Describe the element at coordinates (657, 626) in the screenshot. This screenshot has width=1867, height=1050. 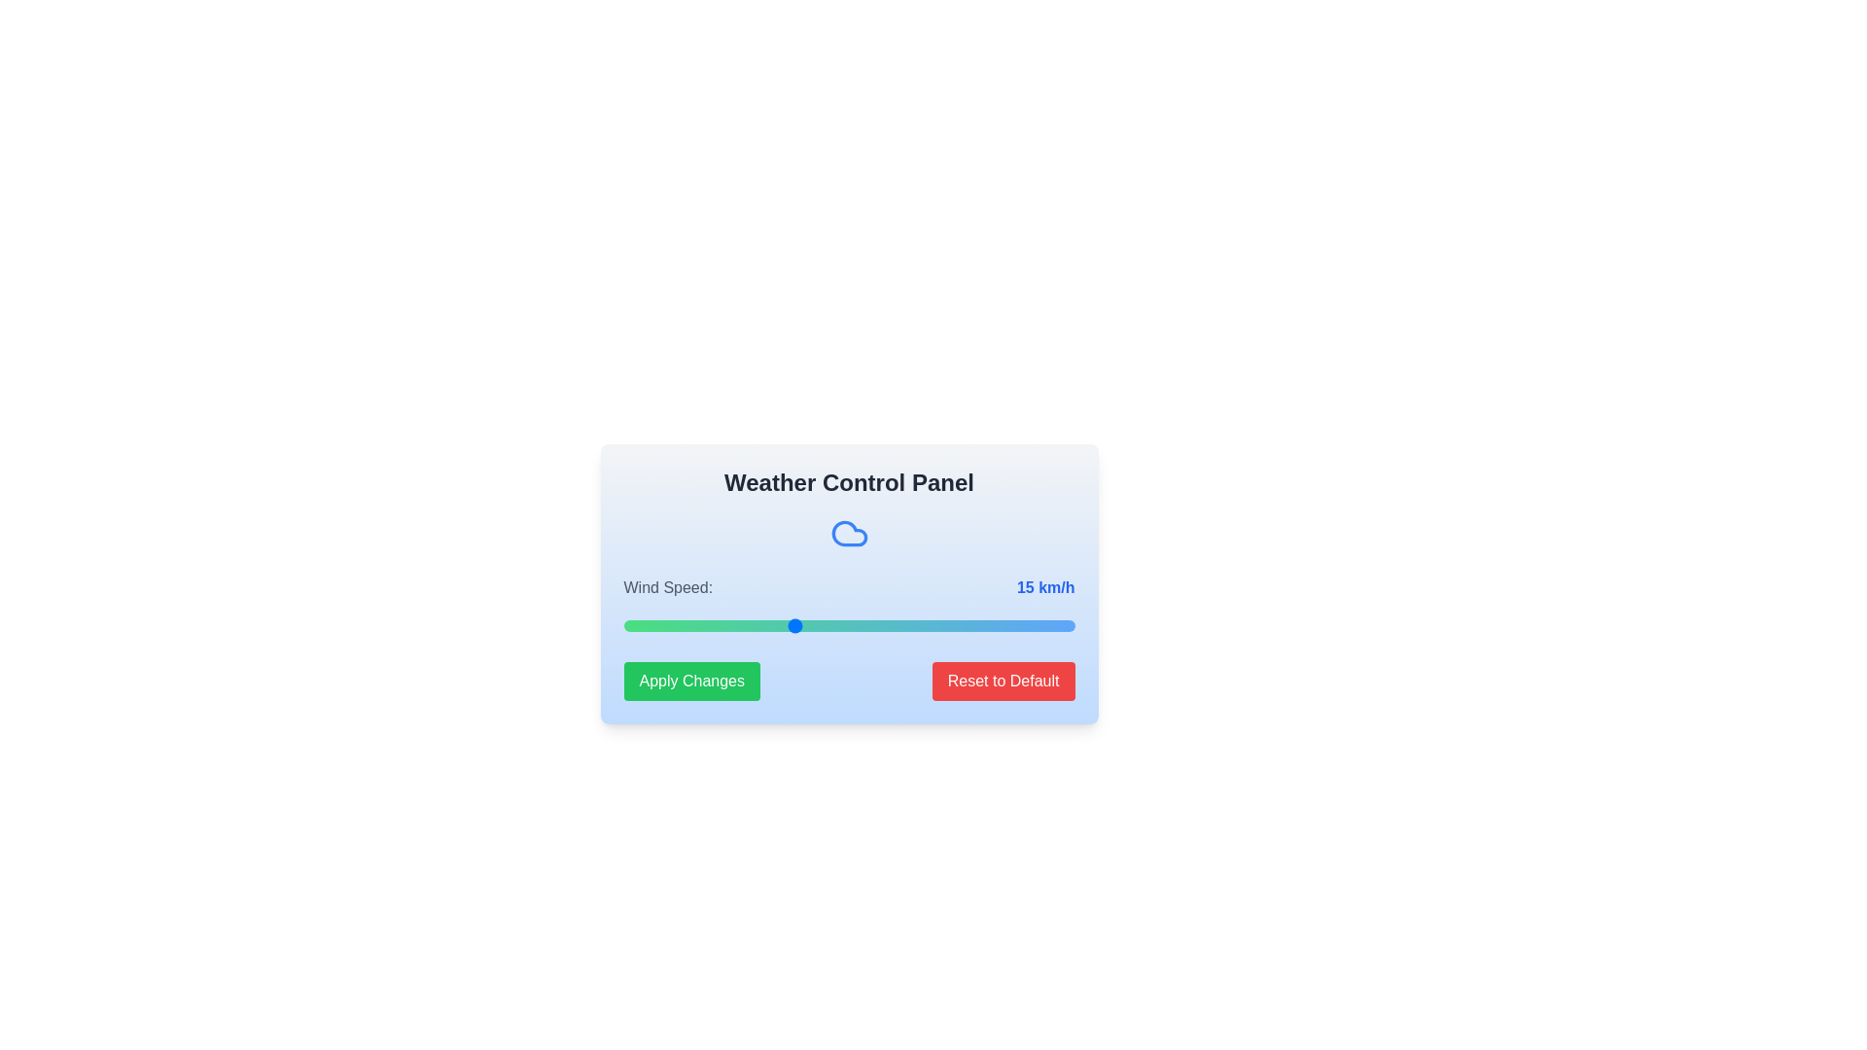
I see `the wind speed slider to set the wind speed to 3 km/h` at that location.